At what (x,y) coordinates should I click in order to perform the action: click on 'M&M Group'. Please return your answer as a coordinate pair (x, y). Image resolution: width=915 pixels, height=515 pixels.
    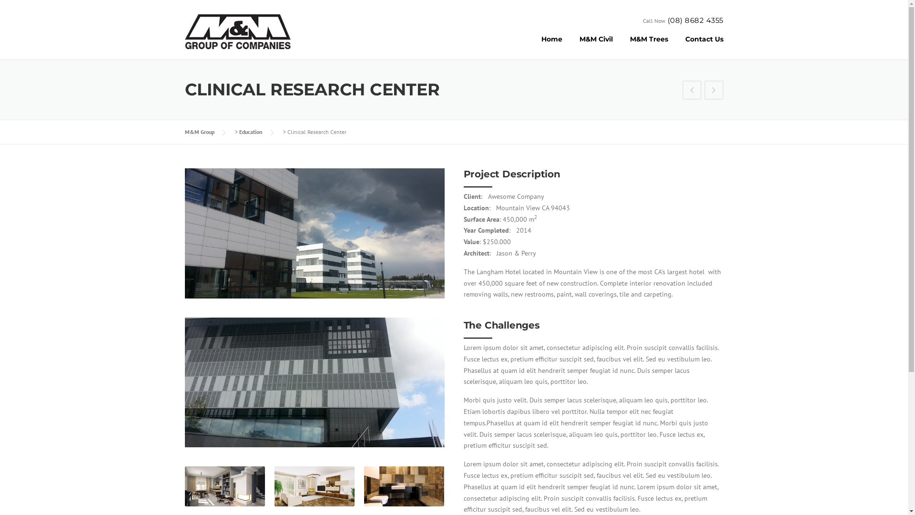
    Looking at the image, I should click on (199, 132).